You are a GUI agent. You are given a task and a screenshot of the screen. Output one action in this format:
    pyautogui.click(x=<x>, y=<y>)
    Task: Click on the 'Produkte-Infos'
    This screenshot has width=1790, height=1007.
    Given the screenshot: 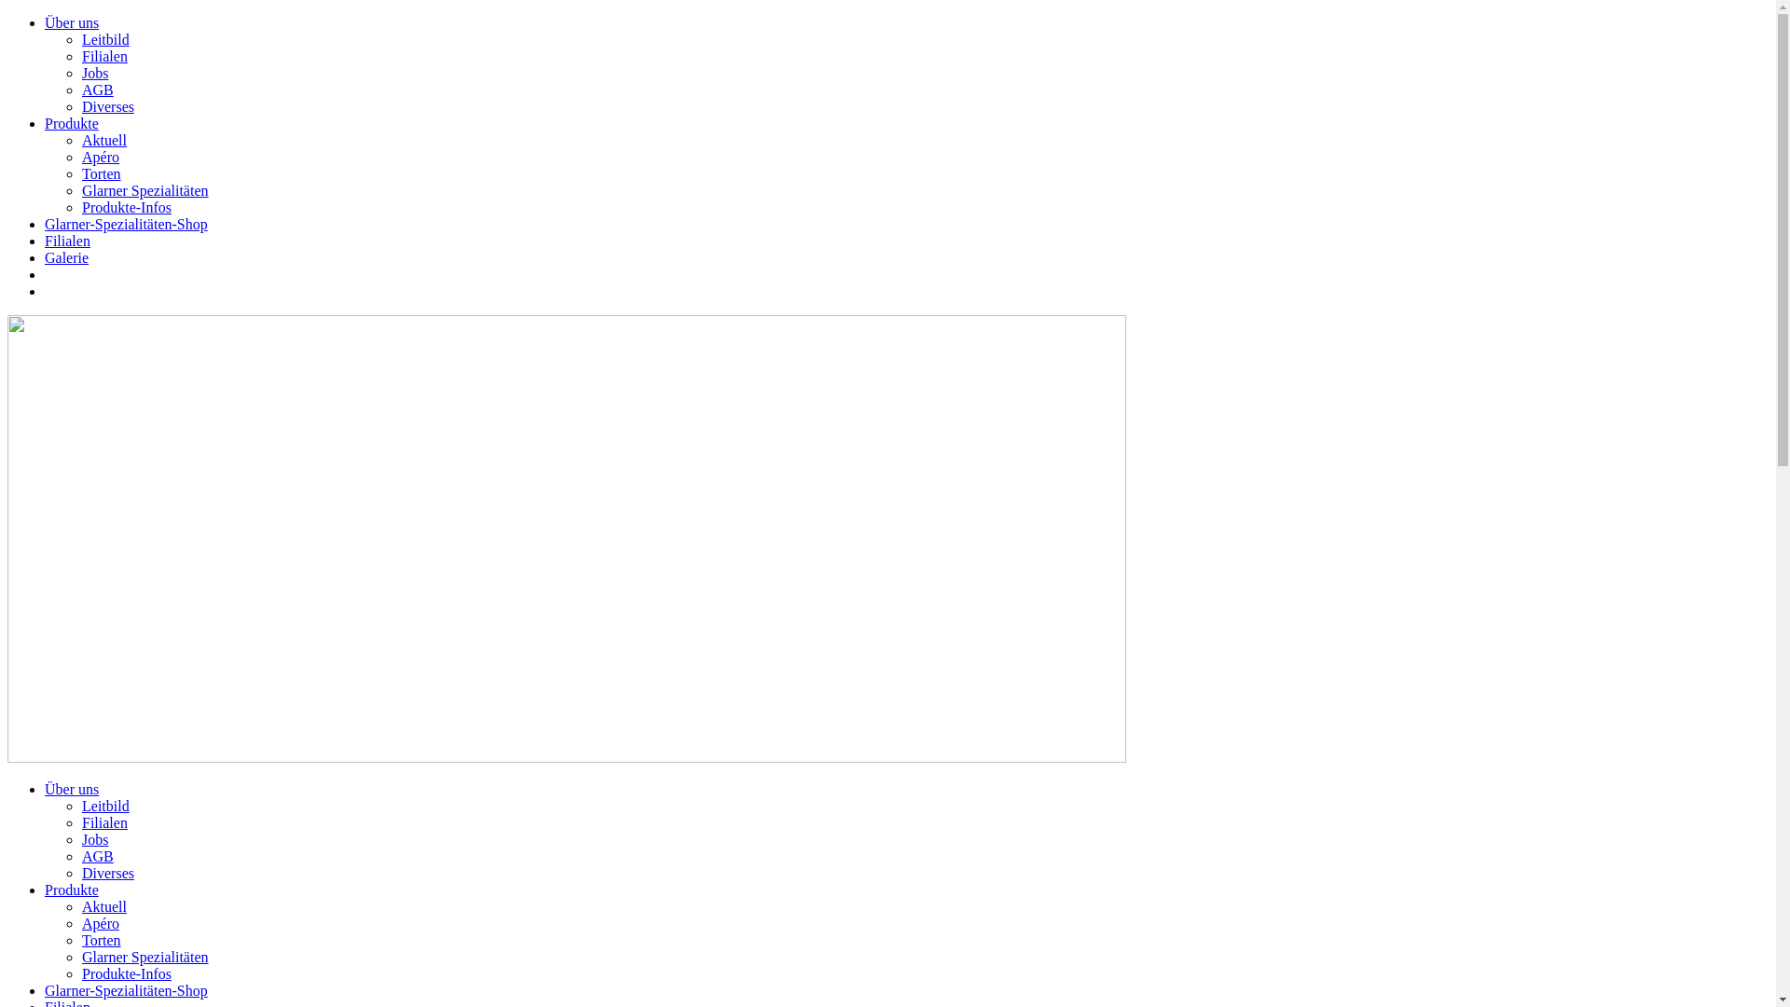 What is the action you would take?
    pyautogui.click(x=125, y=207)
    